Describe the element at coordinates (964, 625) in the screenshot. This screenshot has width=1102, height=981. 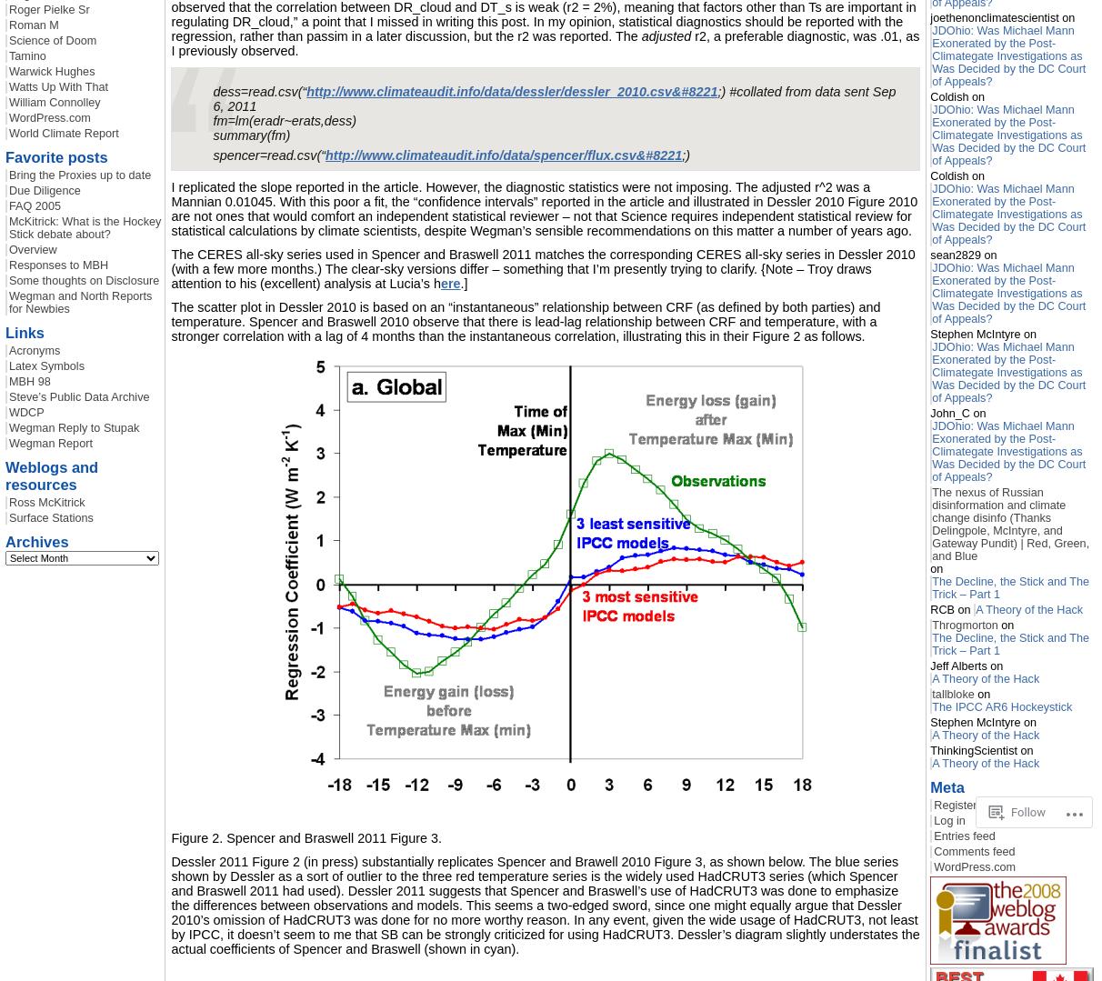
I see `'Throgmorton'` at that location.